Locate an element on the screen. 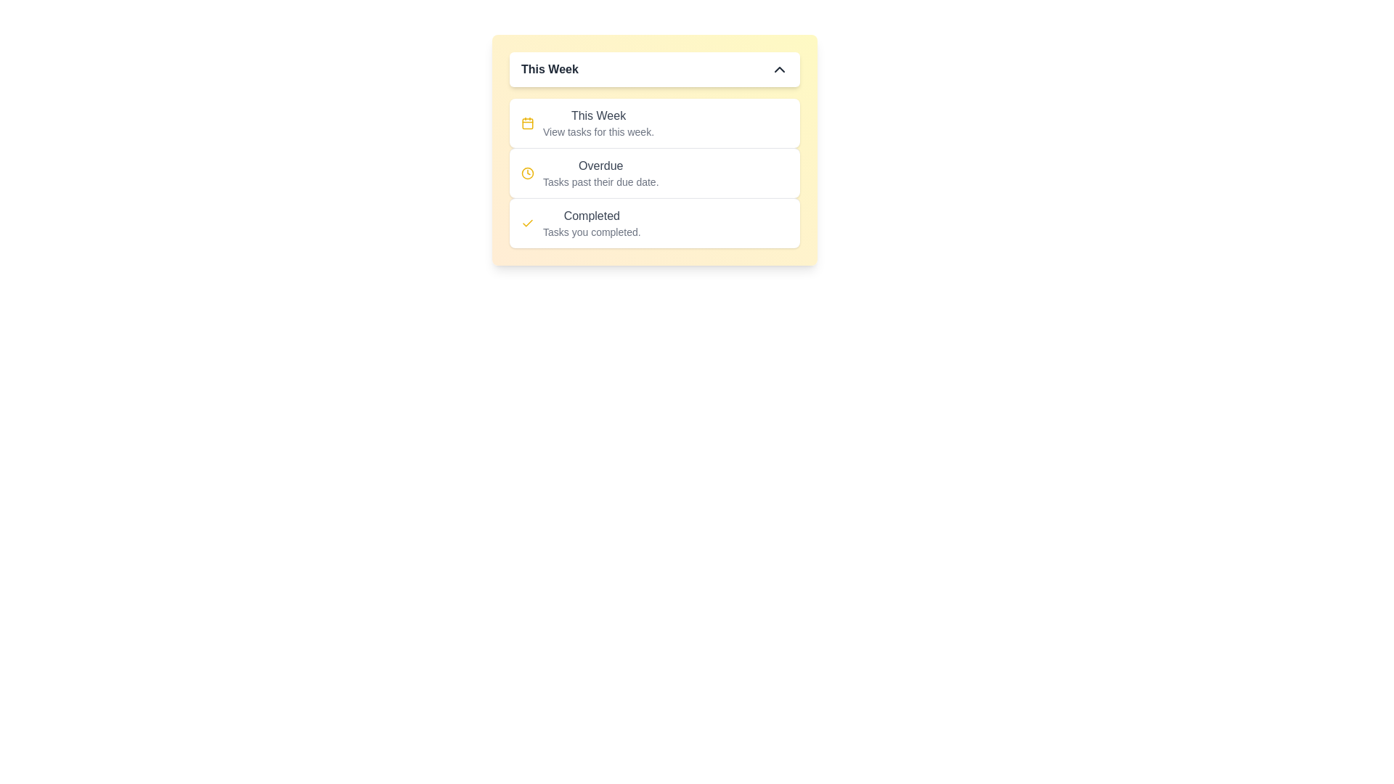 The width and height of the screenshot is (1394, 784). the task category This Week by clicking on the corresponding item in the list is located at coordinates (654, 122).